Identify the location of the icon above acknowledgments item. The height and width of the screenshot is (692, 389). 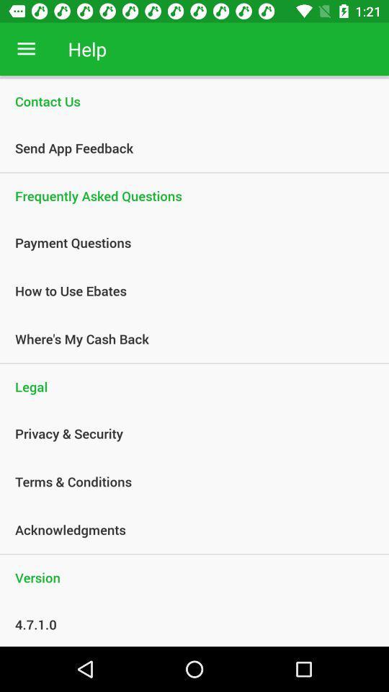
(187, 482).